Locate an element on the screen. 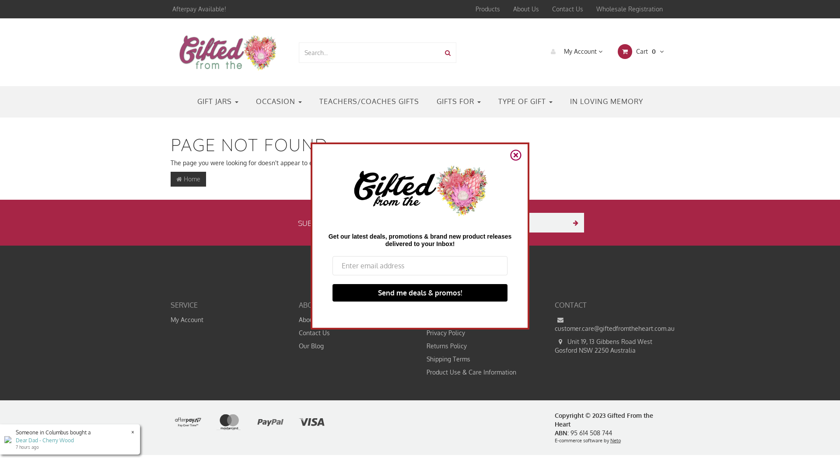 This screenshot has height=472, width=840. 'TYPE OF GIFT' is located at coordinates (525, 101).